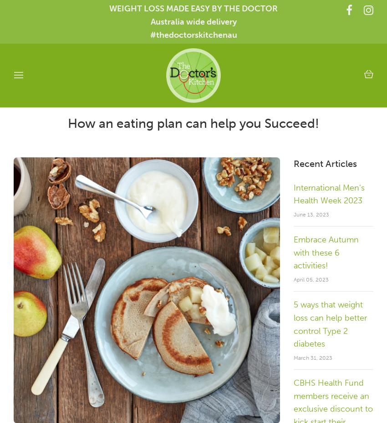  What do you see at coordinates (326, 252) in the screenshot?
I see `'Embrace Autumn with these 6 activities!'` at bounding box center [326, 252].